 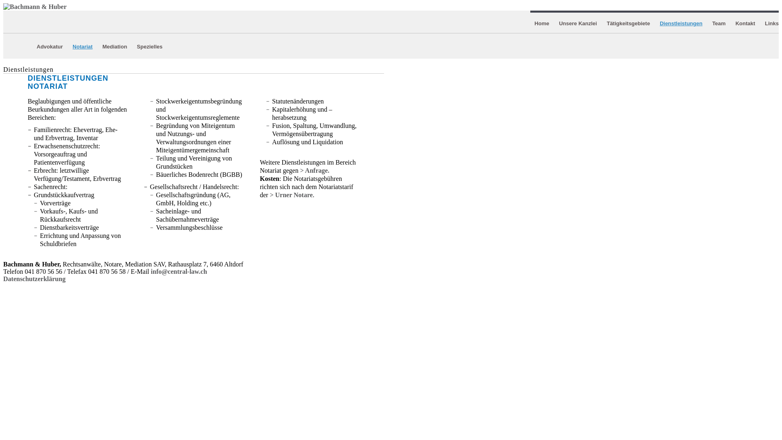 What do you see at coordinates (101, 46) in the screenshot?
I see `'Mediation'` at bounding box center [101, 46].